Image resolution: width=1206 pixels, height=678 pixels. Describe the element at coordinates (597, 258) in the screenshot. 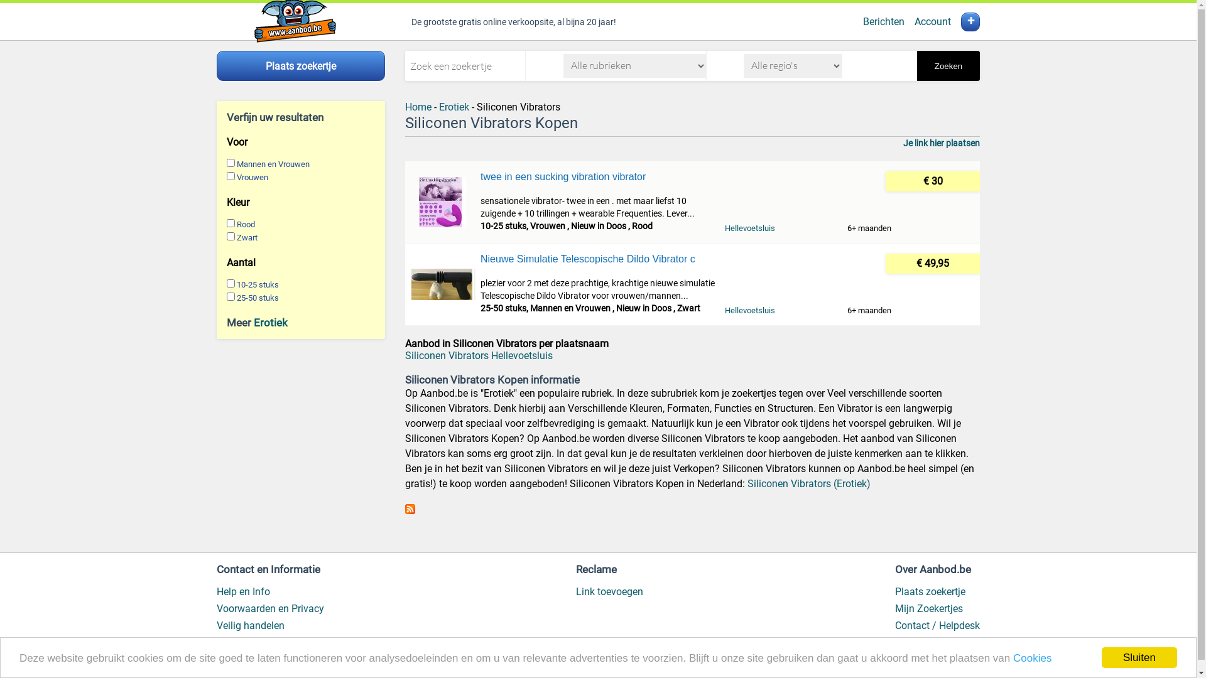

I see `'Nieuwe Simulatie Telescopische Dildo Vibrator c'` at that location.